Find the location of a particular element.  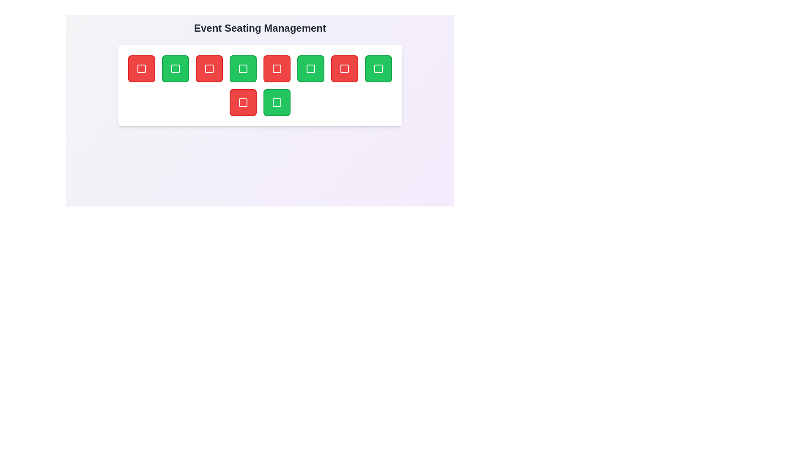

the state represented by the small square with rounded corners located within the green background square in the fourth position of the top row of the grid layout is located at coordinates (243, 68).